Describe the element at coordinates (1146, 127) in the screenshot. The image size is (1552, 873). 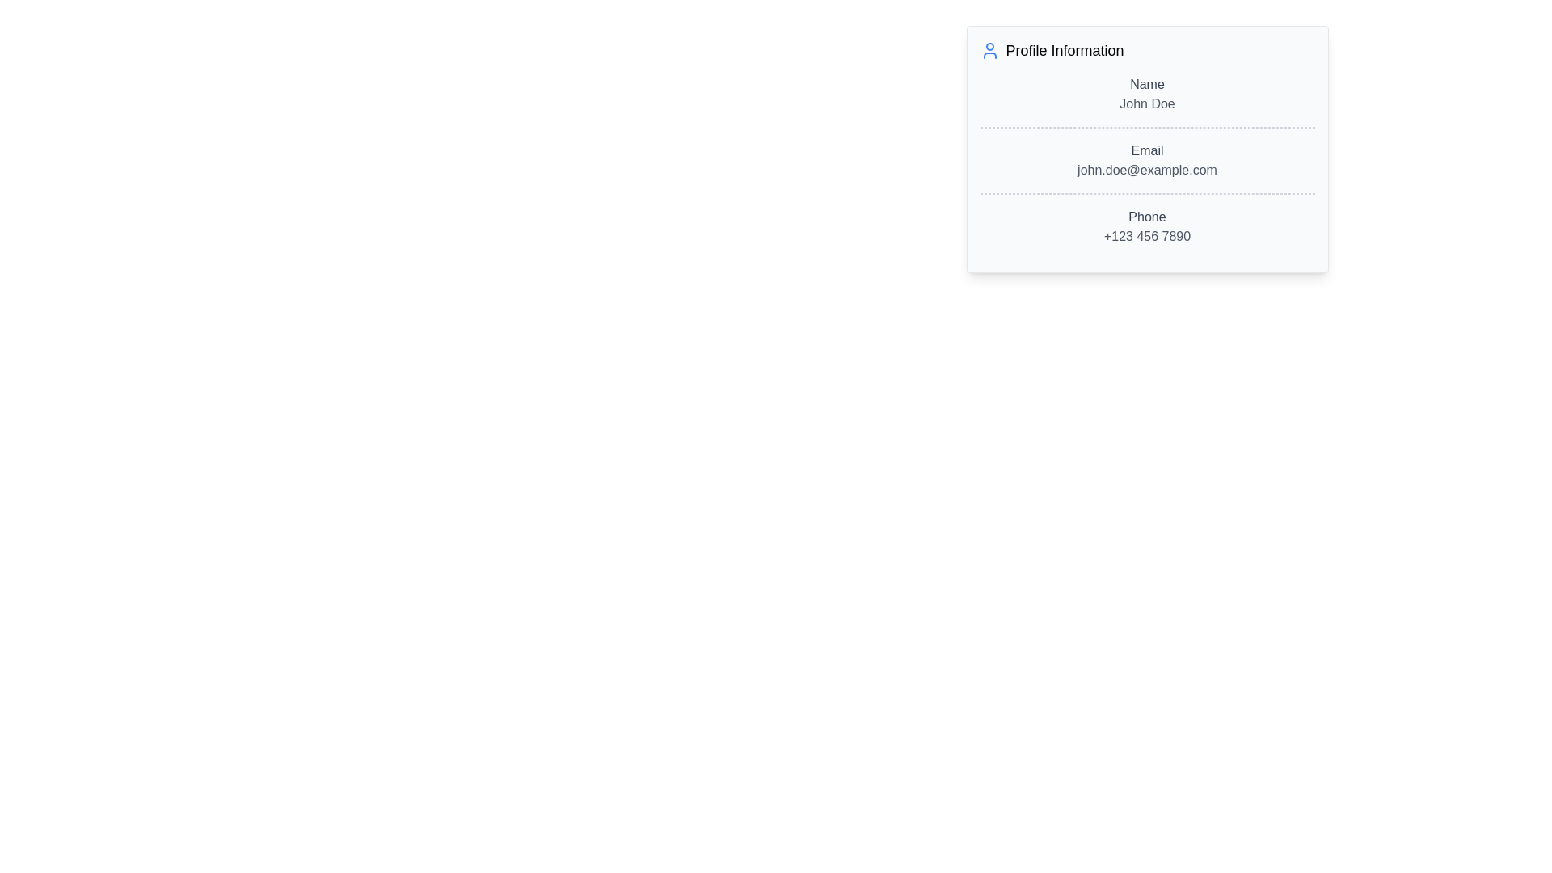
I see `the Divider element that visually separates 'Name John Doe' and 'Email john.doe@example.com'` at that location.